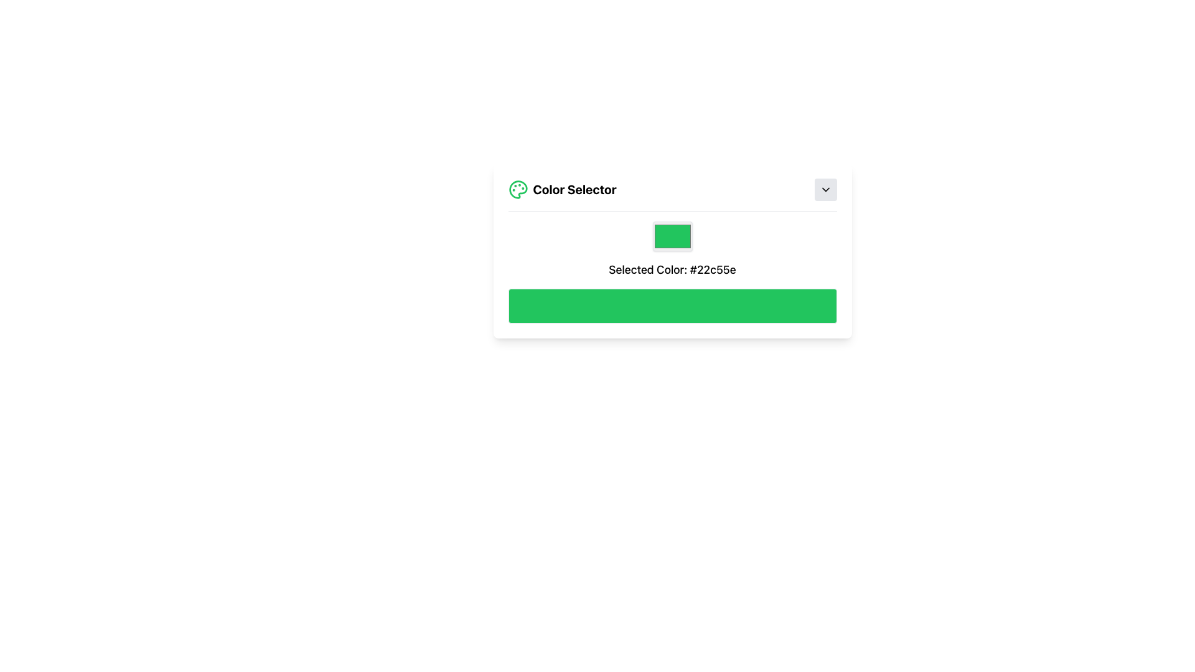 The image size is (1195, 672). What do you see at coordinates (672, 269) in the screenshot?
I see `the text label that identifies the currently selected color, which displays its name and hexadecimal color code, located centrally within the interface` at bounding box center [672, 269].